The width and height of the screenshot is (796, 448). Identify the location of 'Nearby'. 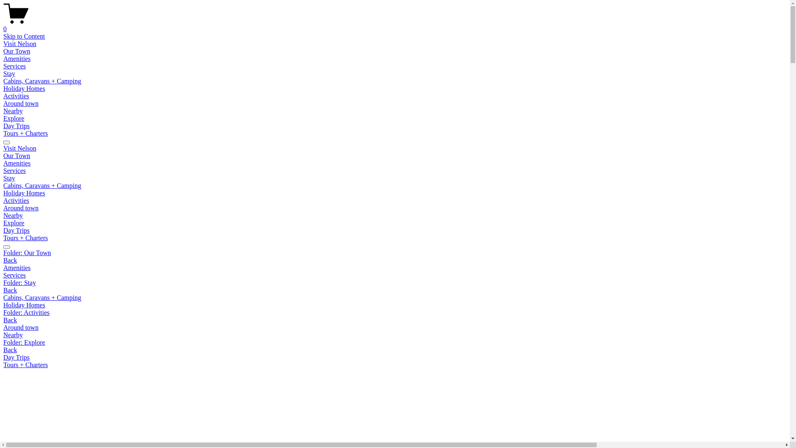
(13, 110).